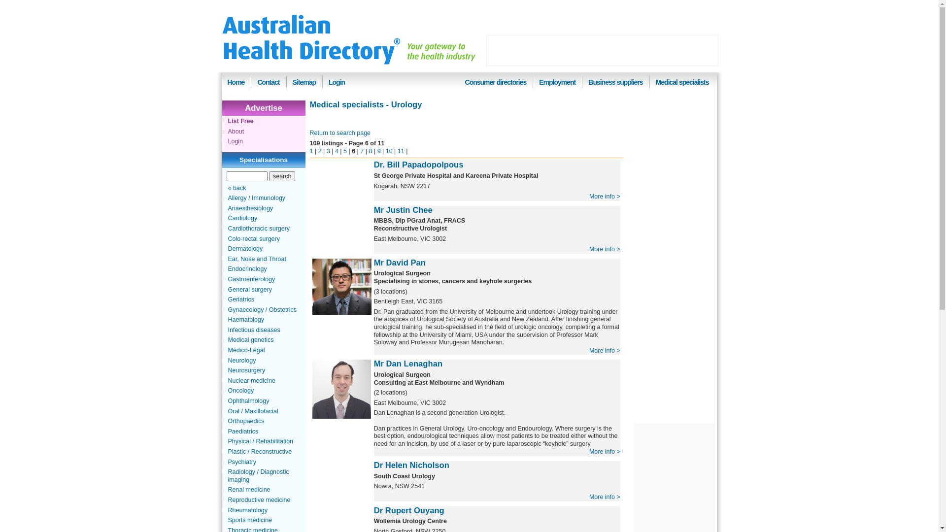  Describe the element at coordinates (227, 462) in the screenshot. I see `'Psychiatry'` at that location.